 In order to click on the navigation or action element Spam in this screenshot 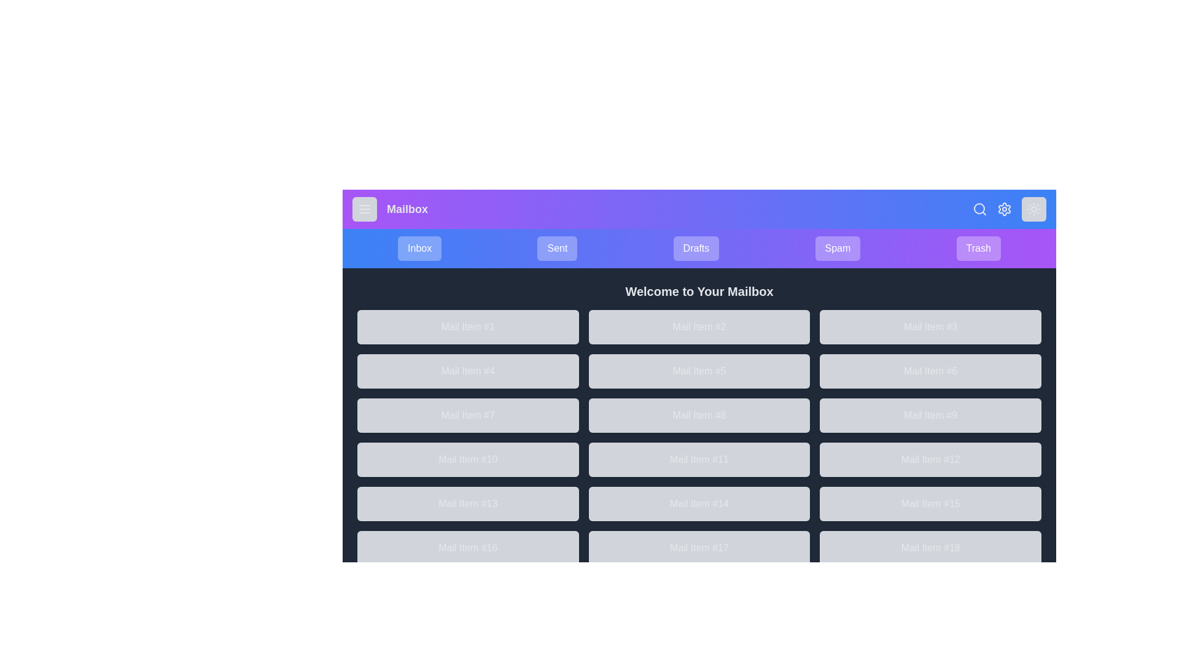, I will do `click(836, 249)`.